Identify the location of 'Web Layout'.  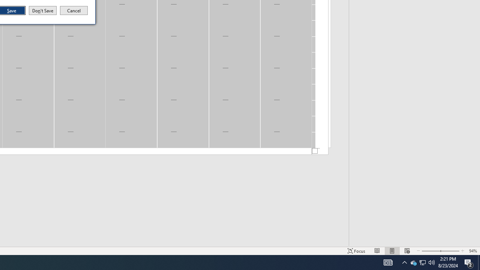
(407, 251).